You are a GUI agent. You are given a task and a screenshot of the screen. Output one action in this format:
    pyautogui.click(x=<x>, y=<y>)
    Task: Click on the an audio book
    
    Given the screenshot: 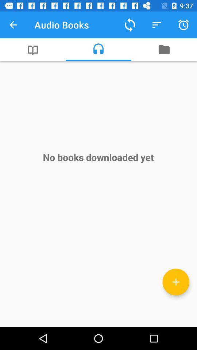 What is the action you would take?
    pyautogui.click(x=175, y=281)
    